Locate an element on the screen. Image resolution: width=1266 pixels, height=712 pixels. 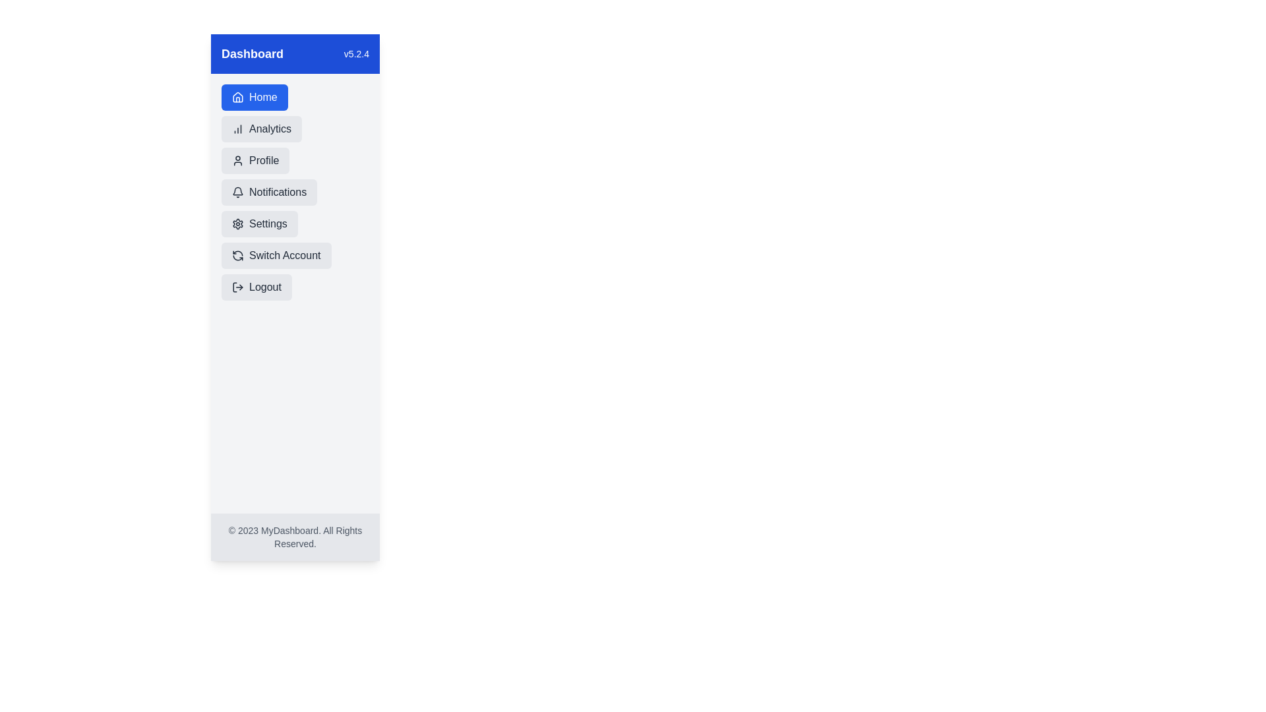
the settings icon is located at coordinates (237, 223).